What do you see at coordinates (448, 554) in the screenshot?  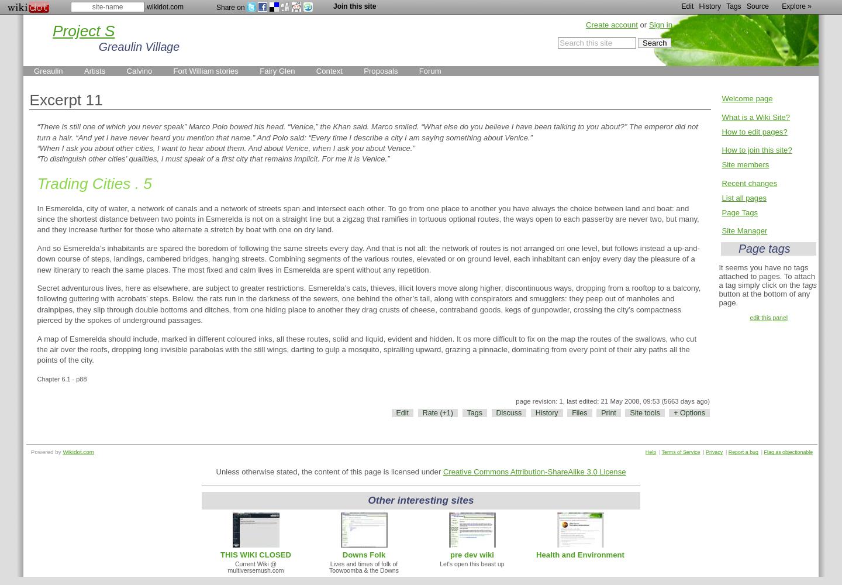 I see `'pre dev wiki'` at bounding box center [448, 554].